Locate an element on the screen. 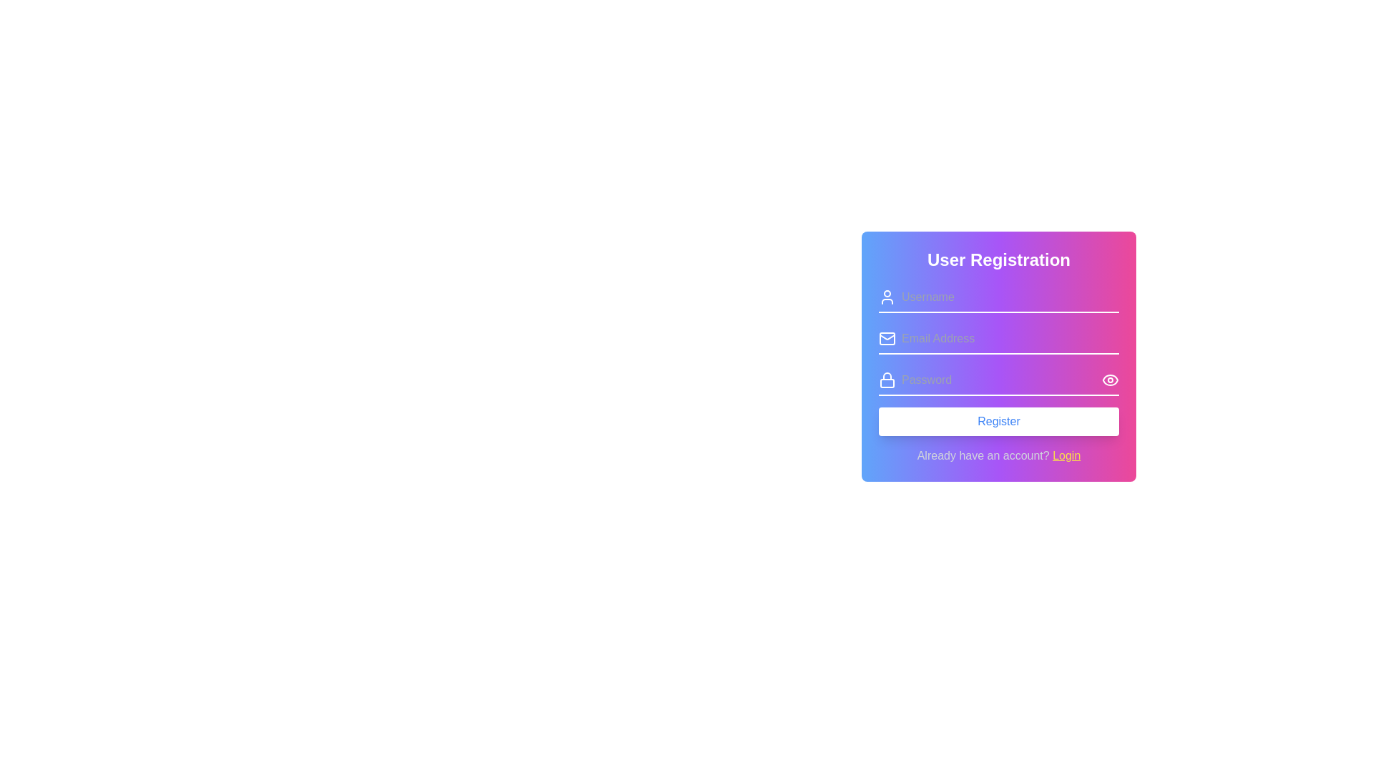  the graphical element that is part of the SVG lock icon, located at the lower part of the lock's body, symbolizing security is located at coordinates (887, 382).